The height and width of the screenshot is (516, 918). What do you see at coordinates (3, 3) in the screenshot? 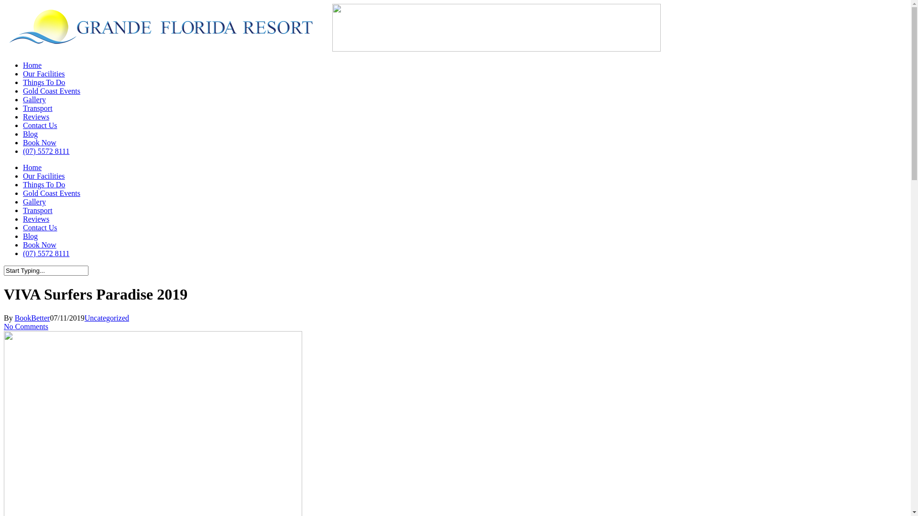
I see `'Skip to main content'` at bounding box center [3, 3].